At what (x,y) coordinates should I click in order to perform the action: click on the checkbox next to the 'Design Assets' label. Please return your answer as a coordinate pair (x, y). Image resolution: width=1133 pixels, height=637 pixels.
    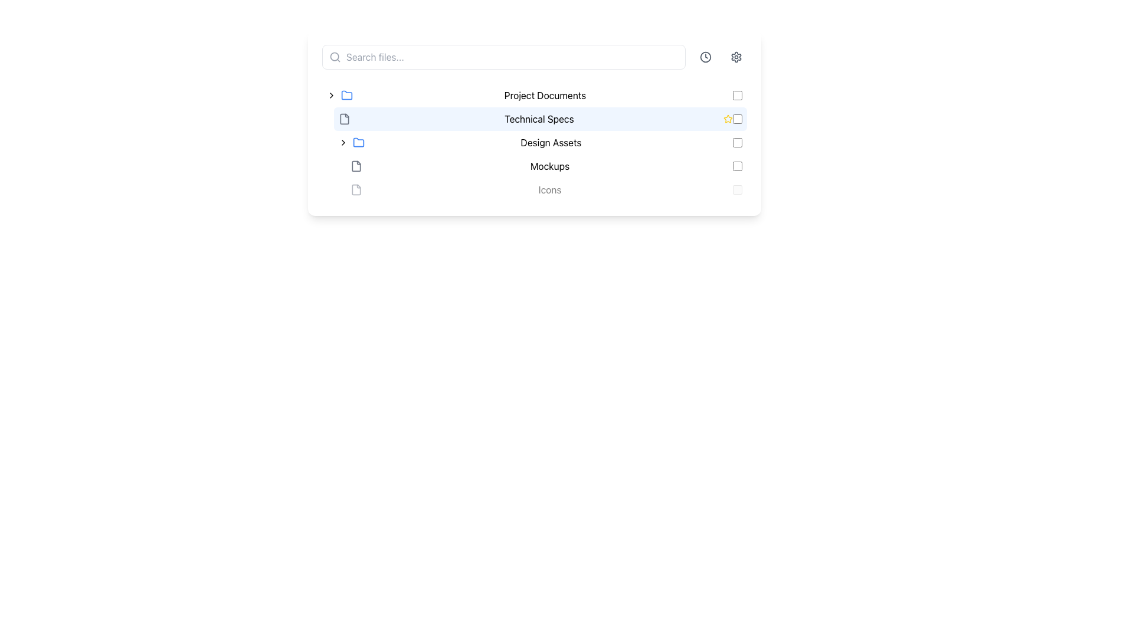
    Looking at the image, I should click on (736, 142).